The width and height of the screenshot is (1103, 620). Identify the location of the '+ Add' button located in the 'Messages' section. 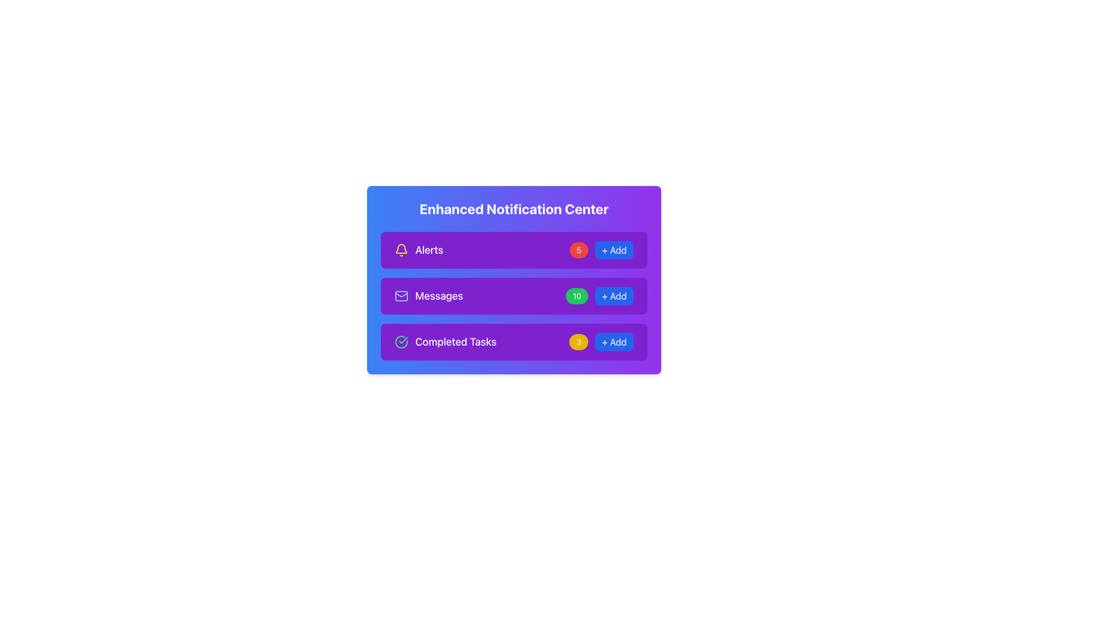
(614, 296).